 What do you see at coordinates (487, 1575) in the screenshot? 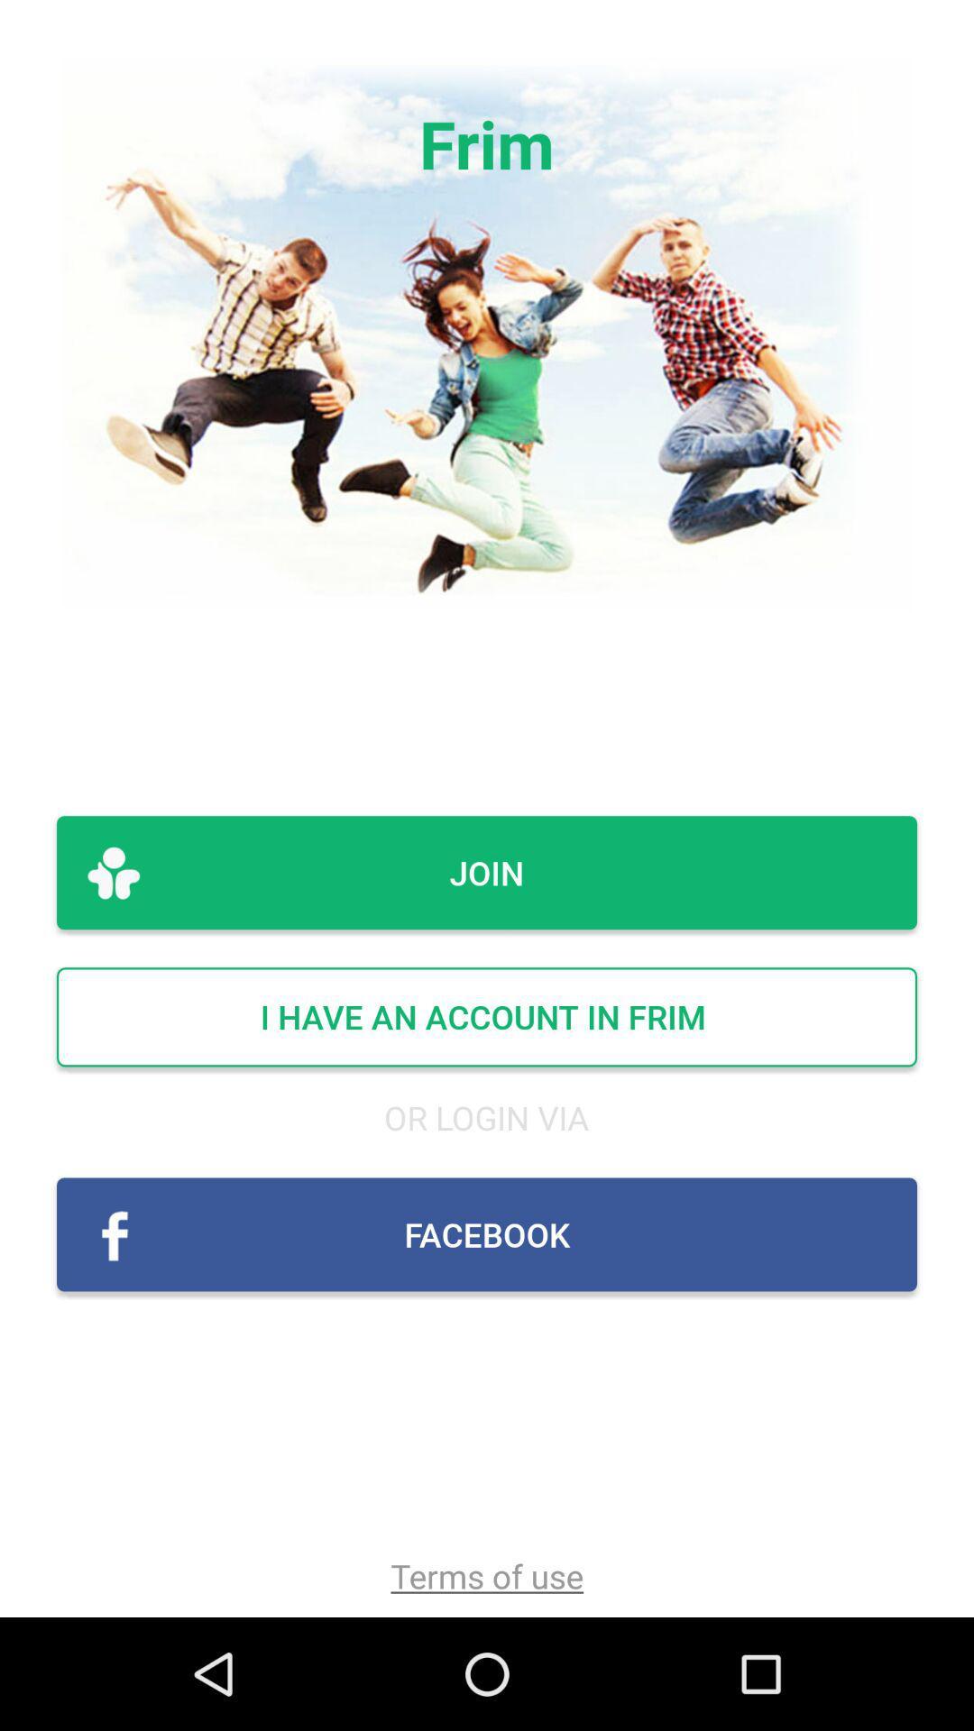
I see `the terms of use` at bounding box center [487, 1575].